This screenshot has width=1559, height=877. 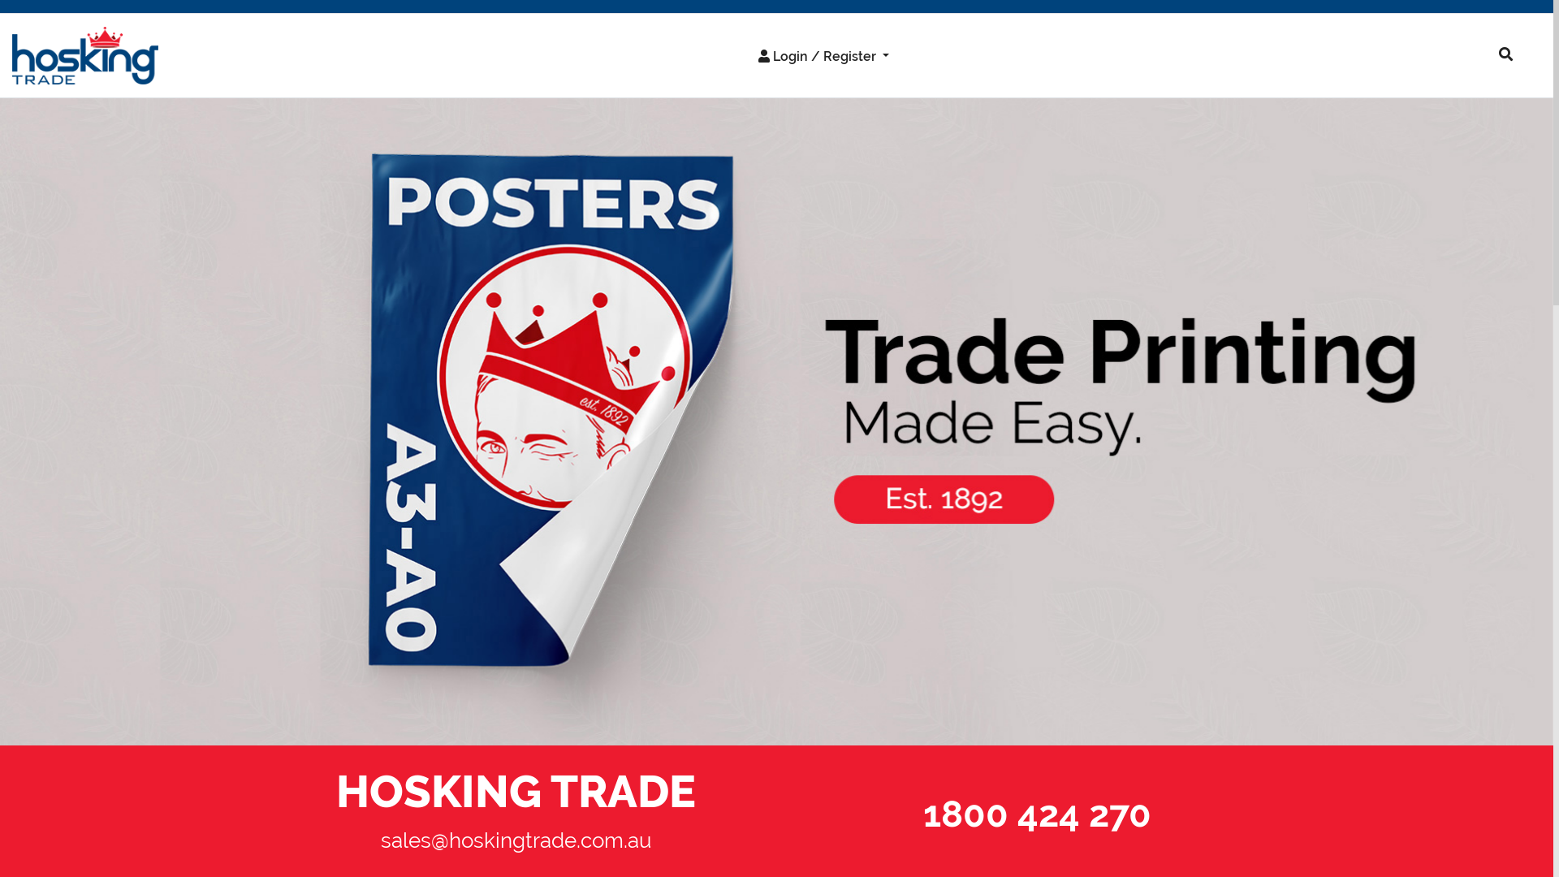 What do you see at coordinates (744, 55) in the screenshot?
I see `'Login / Register'` at bounding box center [744, 55].